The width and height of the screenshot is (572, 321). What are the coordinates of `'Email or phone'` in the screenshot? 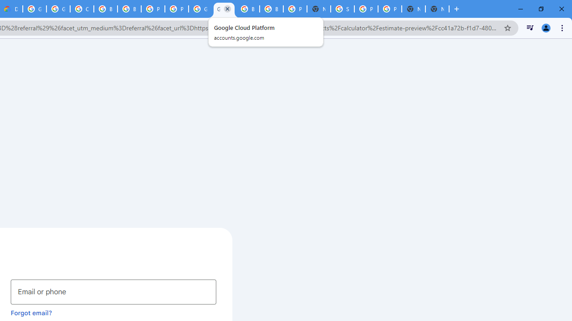 It's located at (113, 292).